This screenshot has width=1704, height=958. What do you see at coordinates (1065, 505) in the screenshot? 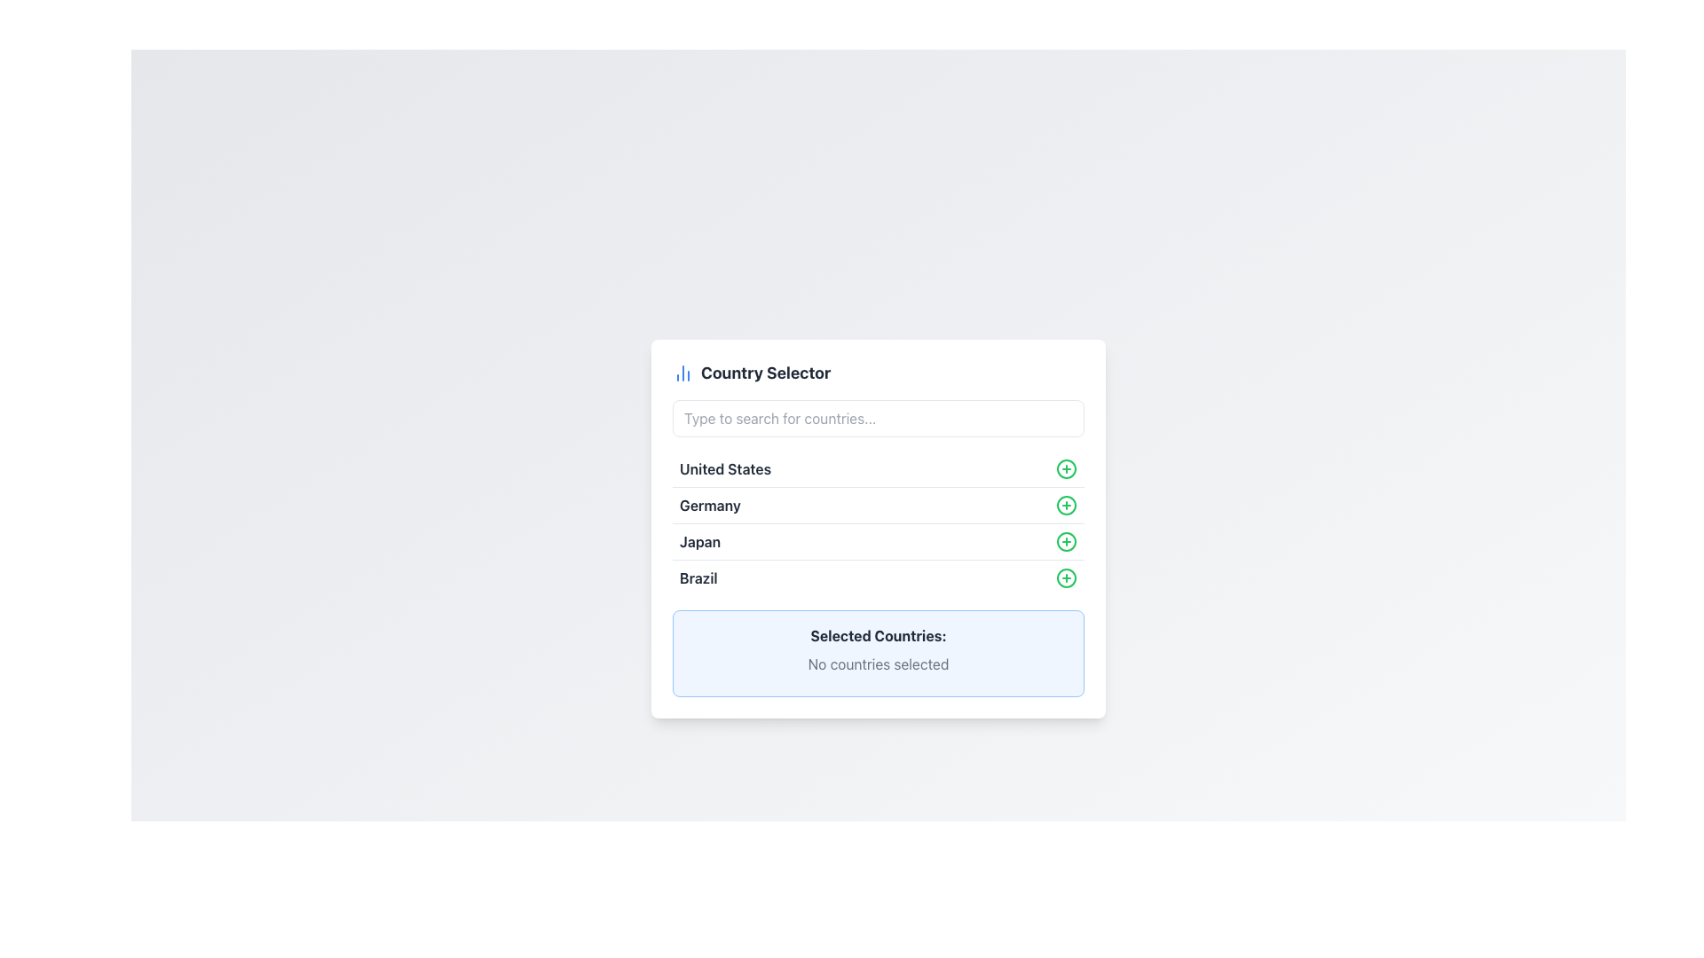
I see `the circular shape that forms the outline of the green add button associated with the 'Germany' option in the country list` at bounding box center [1065, 505].